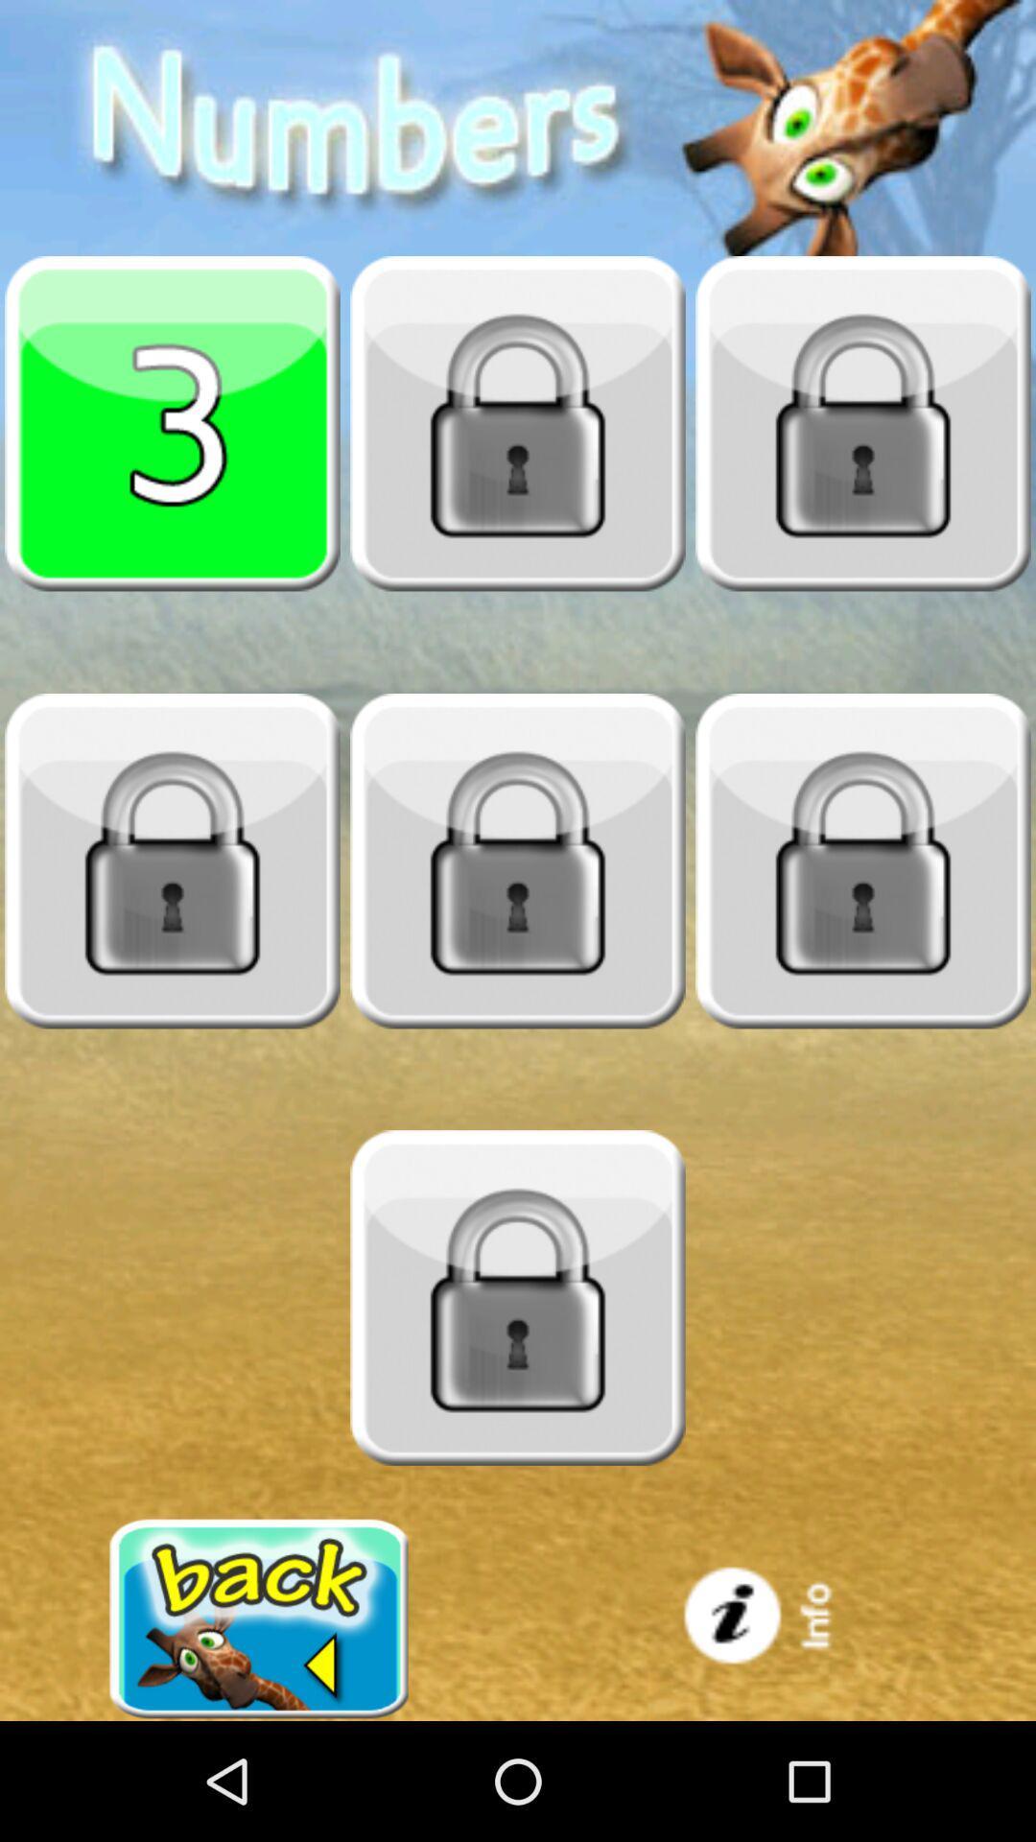  Describe the element at coordinates (173, 422) in the screenshot. I see `choose selection` at that location.